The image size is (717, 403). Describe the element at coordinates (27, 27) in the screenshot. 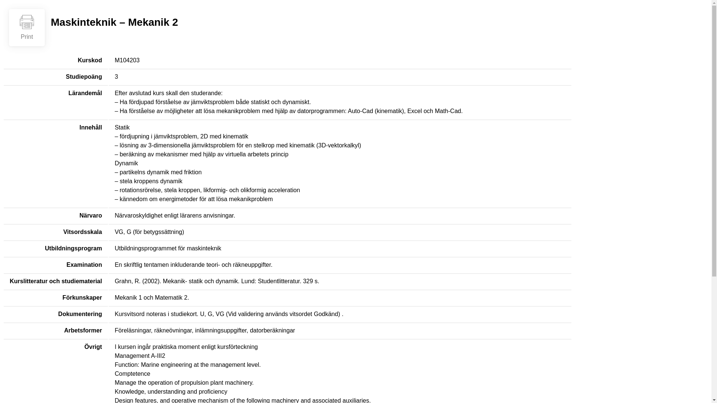

I see `'Print'` at that location.